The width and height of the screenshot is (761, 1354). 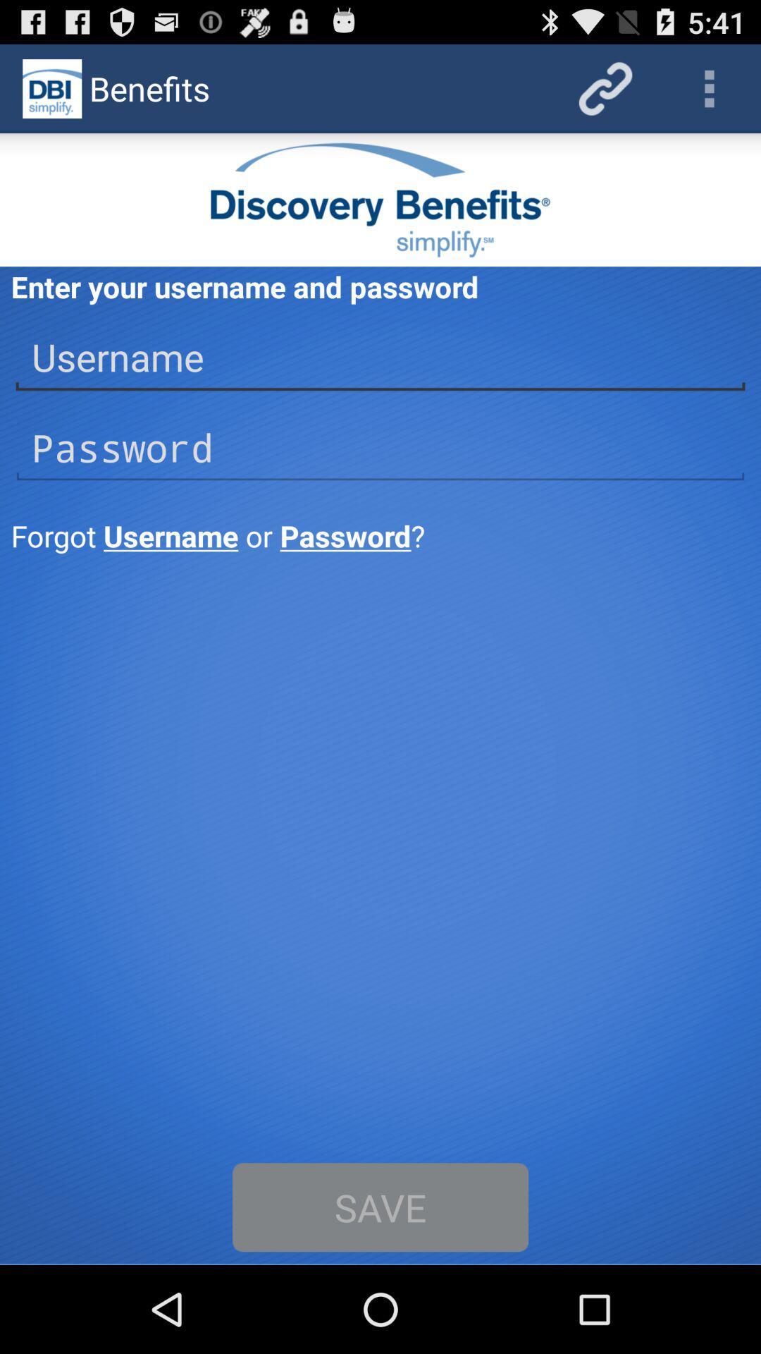 I want to click on username, so click(x=380, y=358).